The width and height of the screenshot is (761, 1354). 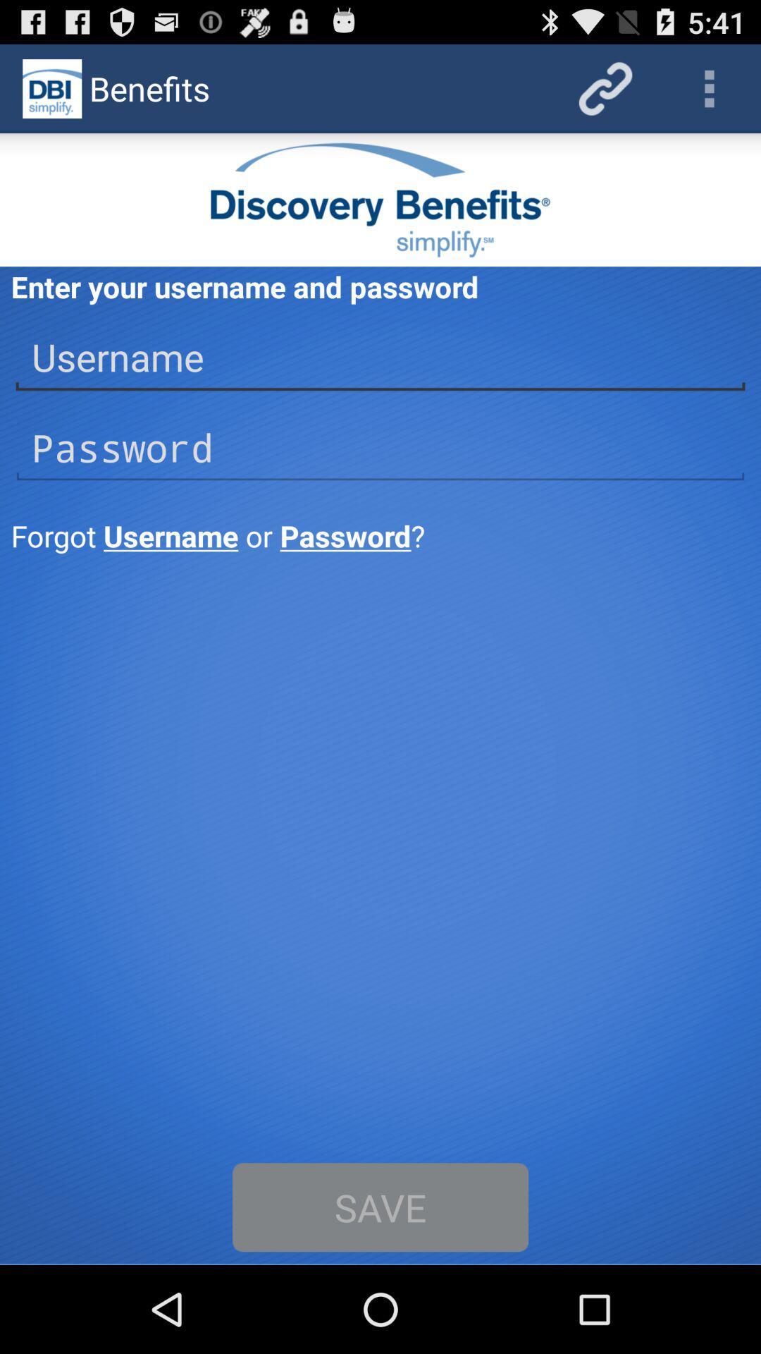 I want to click on username, so click(x=380, y=358).